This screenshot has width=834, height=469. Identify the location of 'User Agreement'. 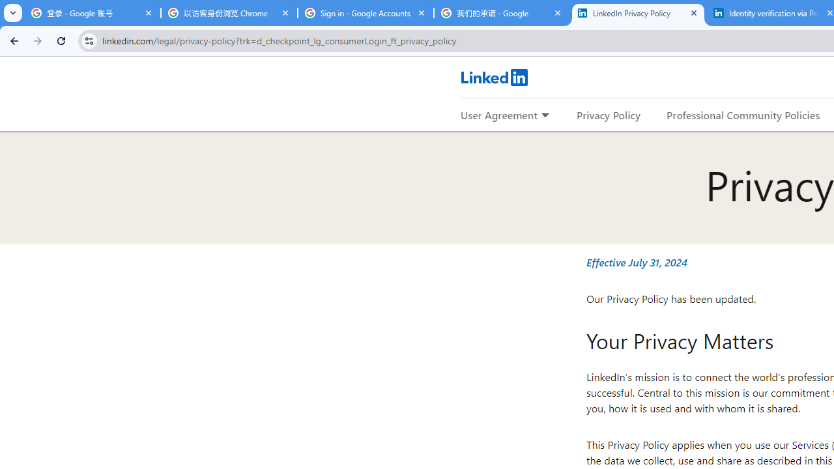
(498, 114).